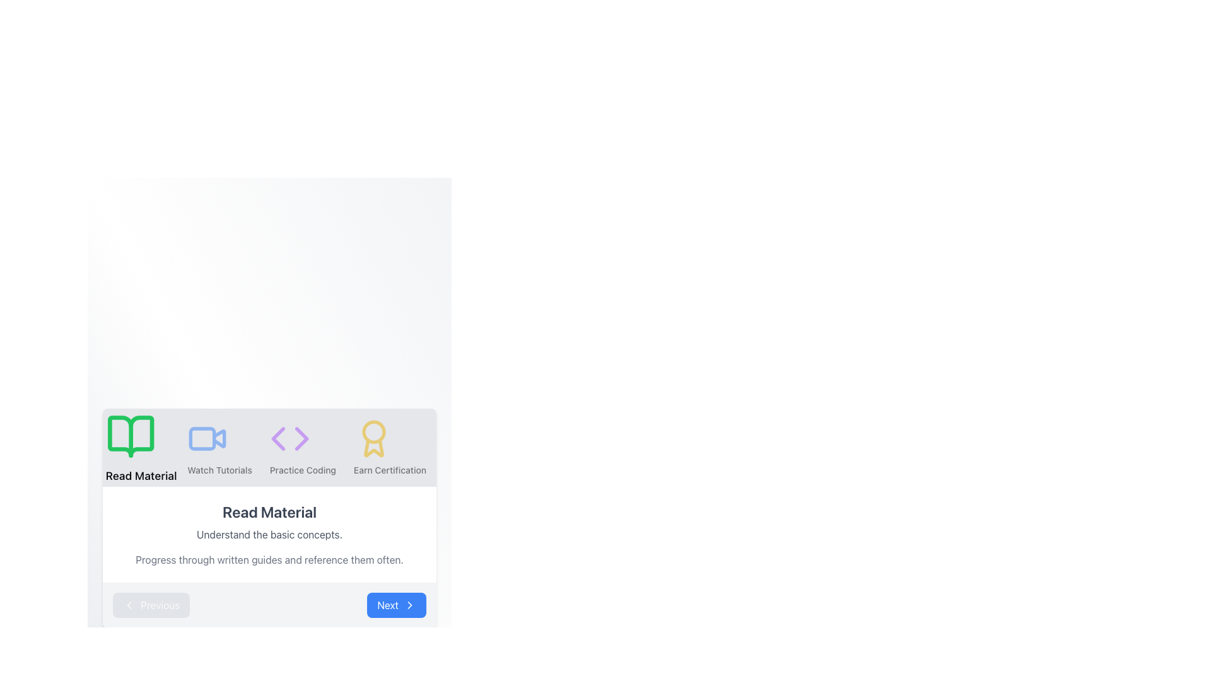 The width and height of the screenshot is (1211, 681). Describe the element at coordinates (219, 438) in the screenshot. I see `the triangular play button icon located within the video icon, which is the second icon in a row of four` at that location.